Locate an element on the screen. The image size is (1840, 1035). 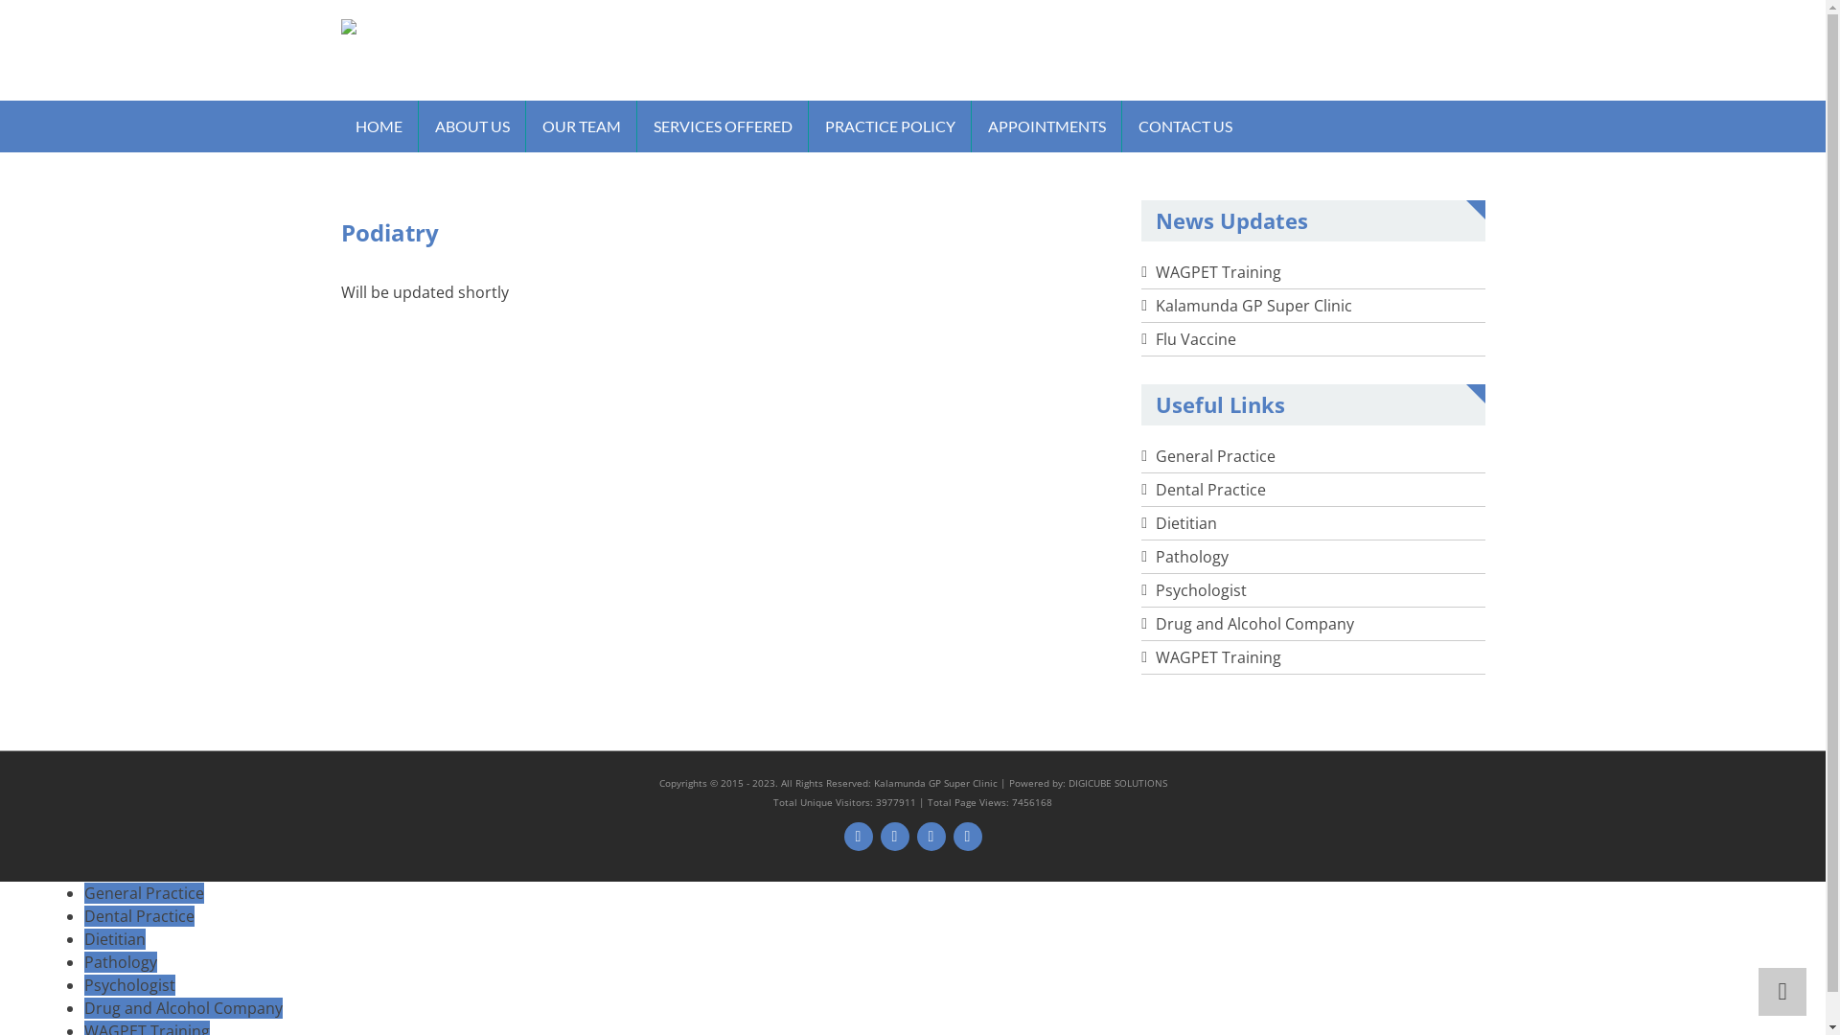
'HOME' is located at coordinates (379, 126).